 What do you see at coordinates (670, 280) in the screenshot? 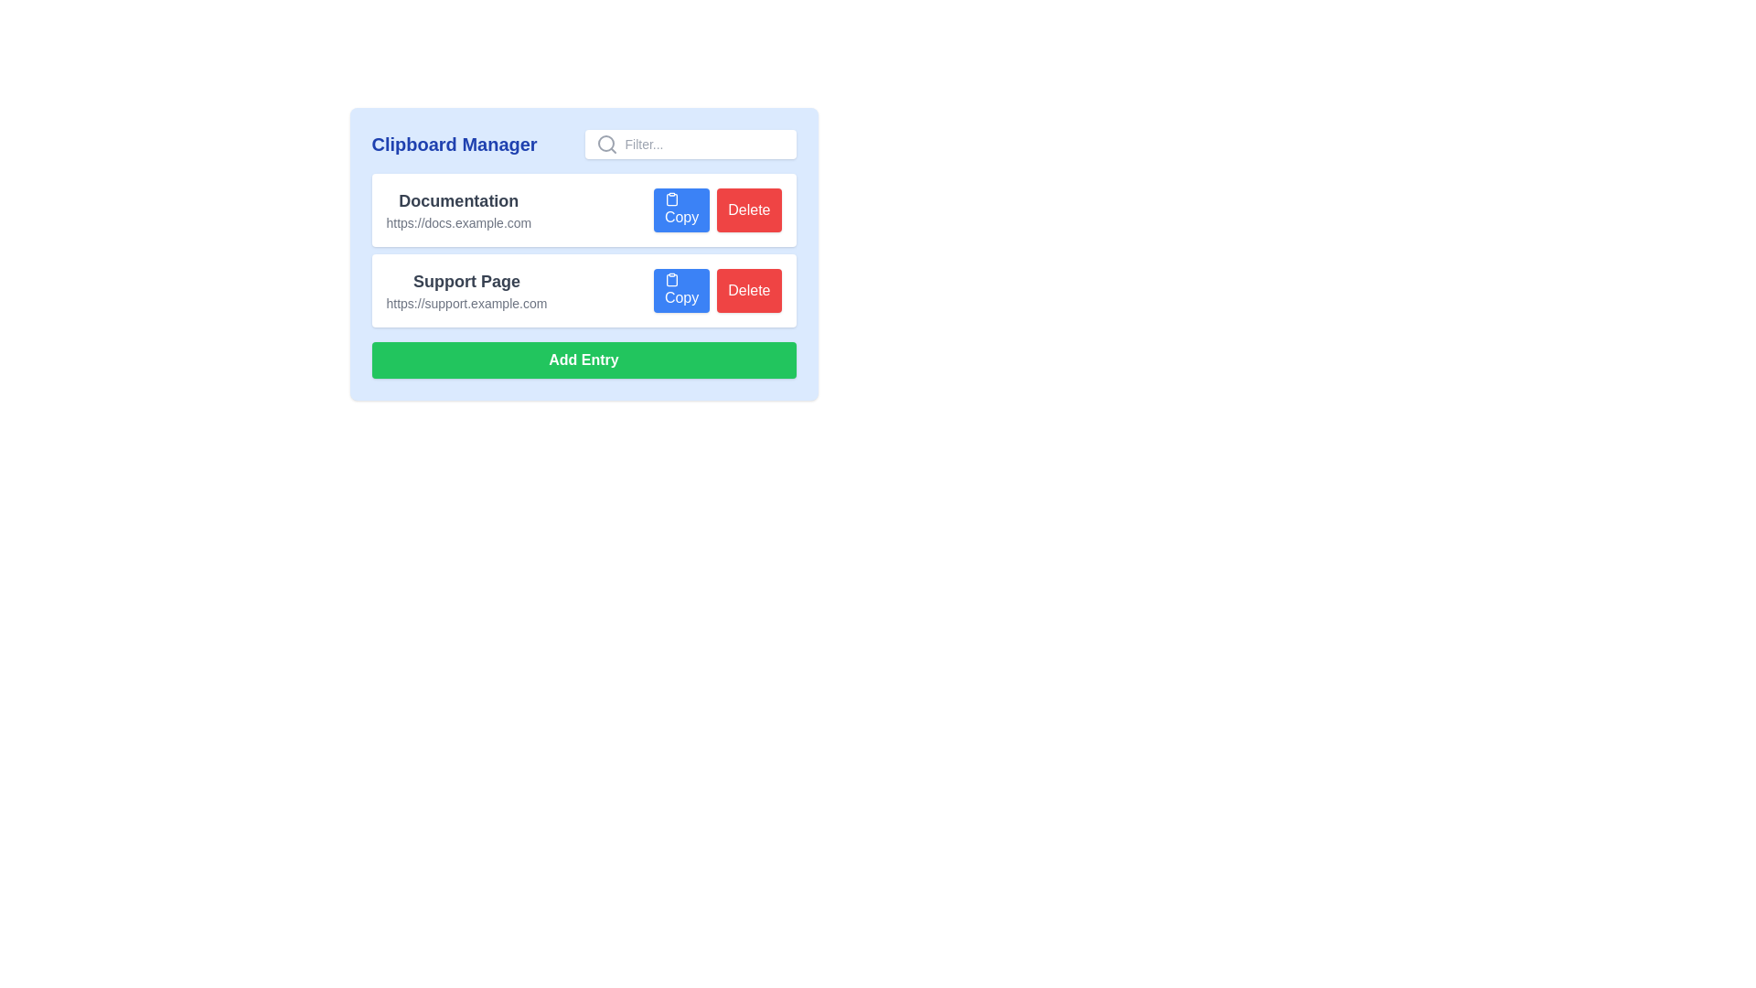
I see `the graphic representation of the clipboard icon located next to the 'Copy' button of the 'Support Page' entry in the Clipboard Manager interface` at bounding box center [670, 280].